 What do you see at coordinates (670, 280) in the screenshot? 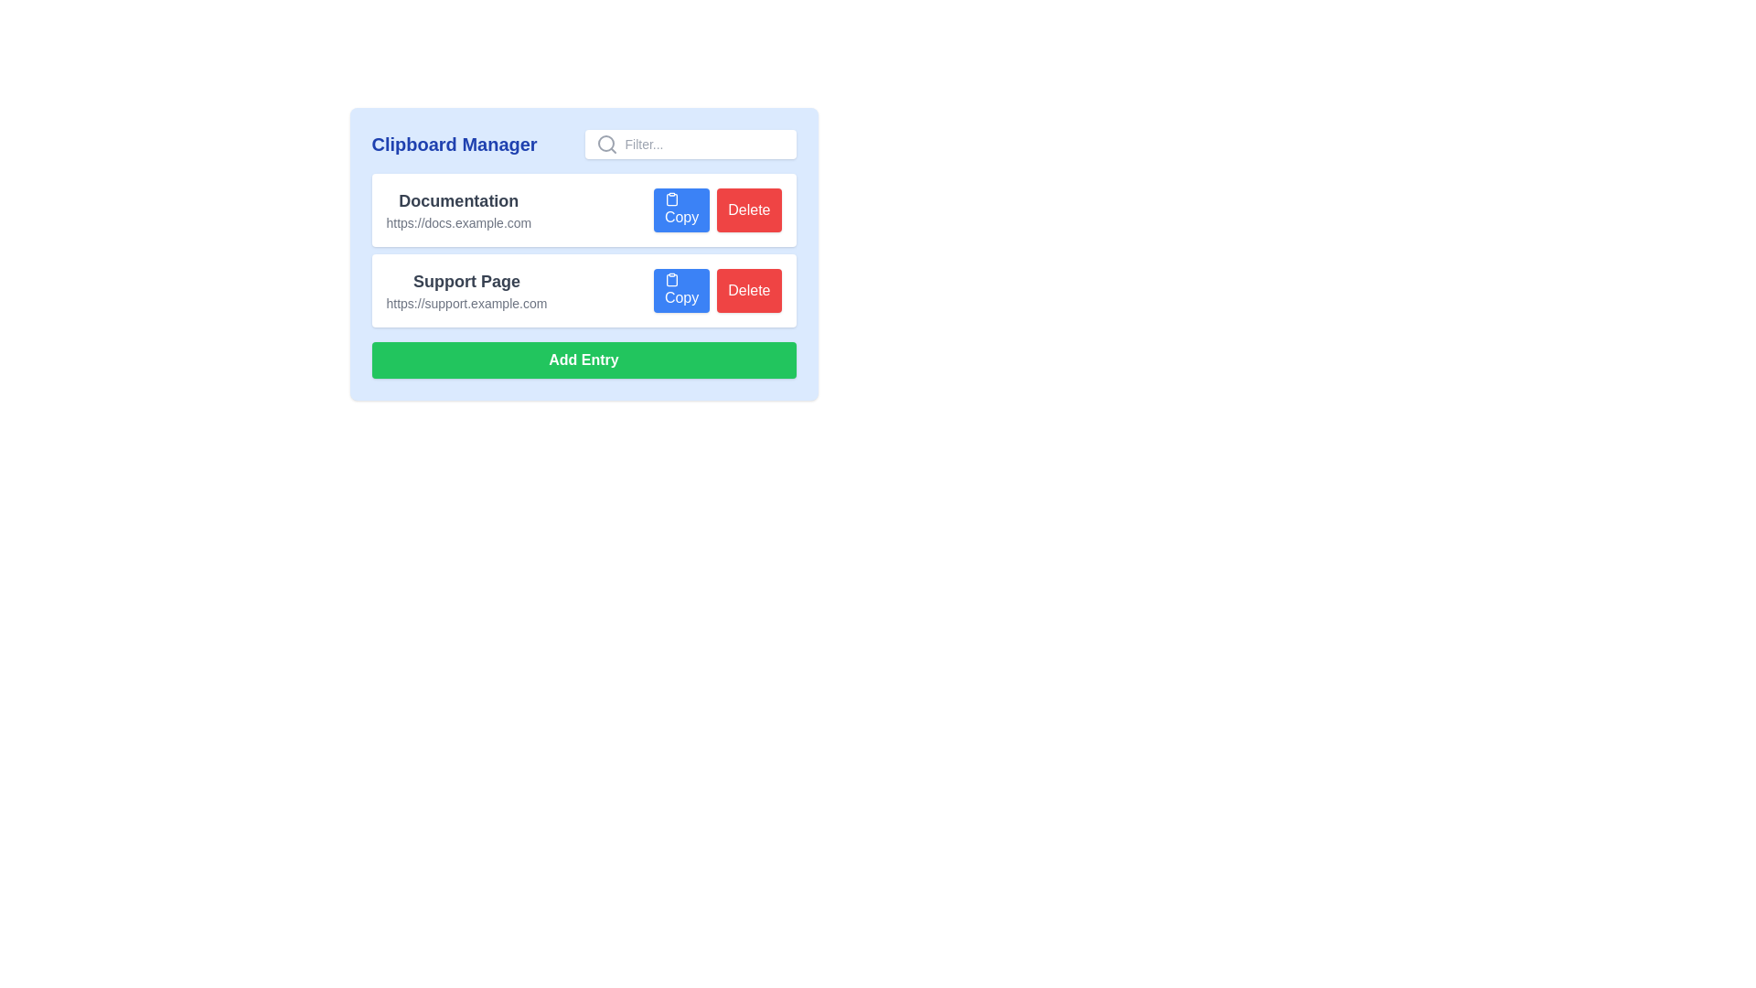
I see `the graphic representation of the clipboard icon located next to the 'Copy' button of the 'Support Page' entry in the Clipboard Manager interface` at bounding box center [670, 280].